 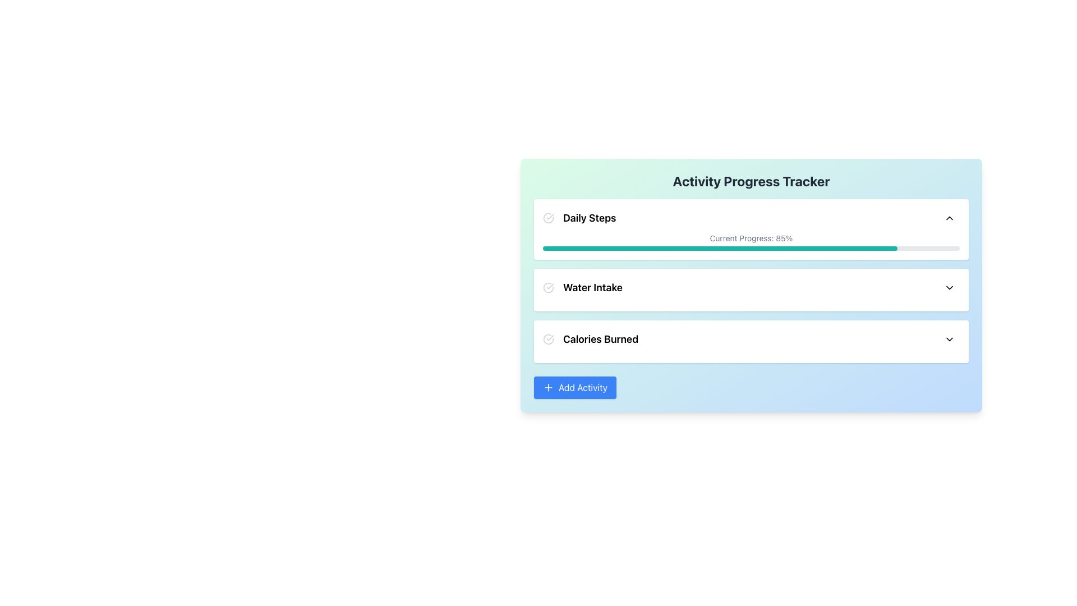 I want to click on the 'Calories Burned' text label, which identifies the metric in the activity tracker, located in the lower half of the vertically stacked list, so click(x=600, y=339).